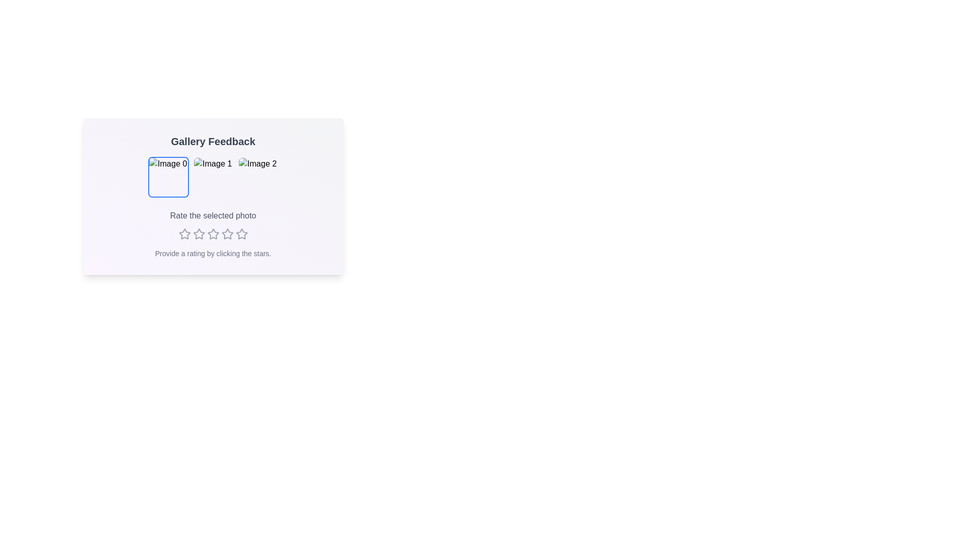 The height and width of the screenshot is (550, 978). What do you see at coordinates (199, 234) in the screenshot?
I see `the second star from the left in the horizontal row of five stars used for rating a photo` at bounding box center [199, 234].